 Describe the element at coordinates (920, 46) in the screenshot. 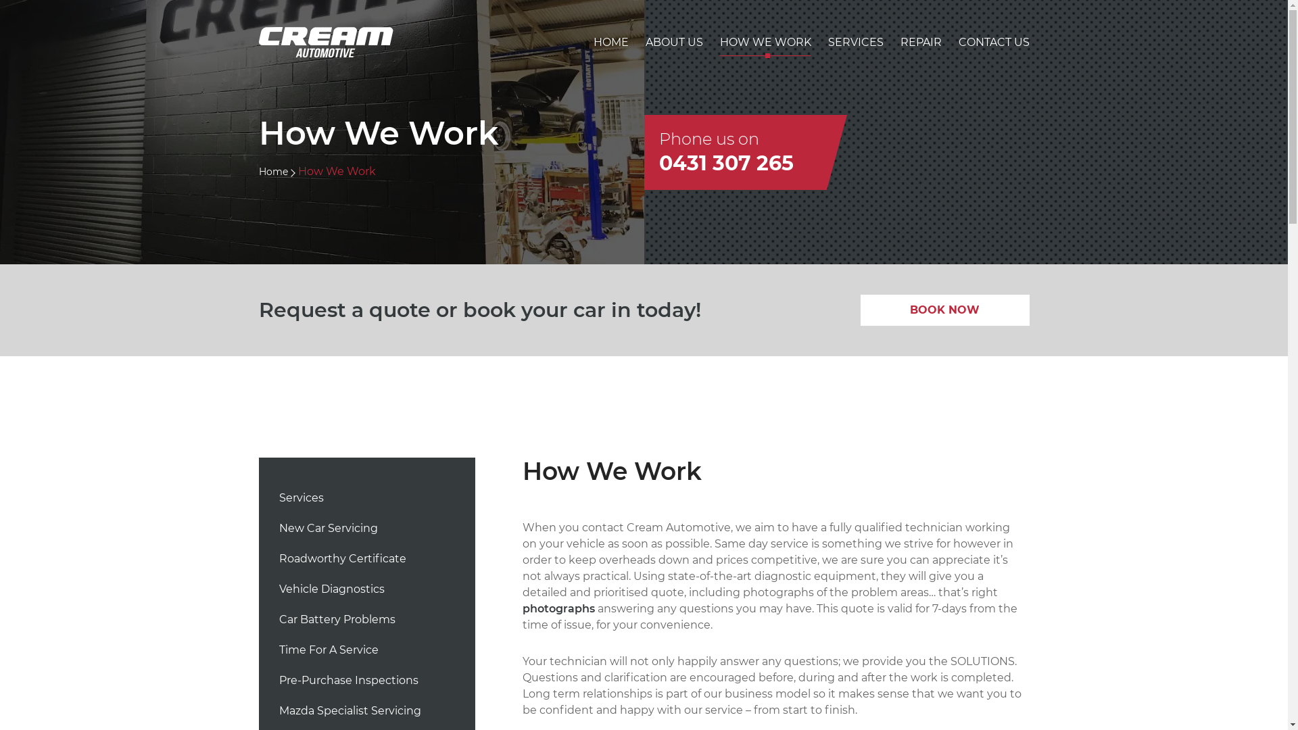

I see `'REPAIR'` at that location.